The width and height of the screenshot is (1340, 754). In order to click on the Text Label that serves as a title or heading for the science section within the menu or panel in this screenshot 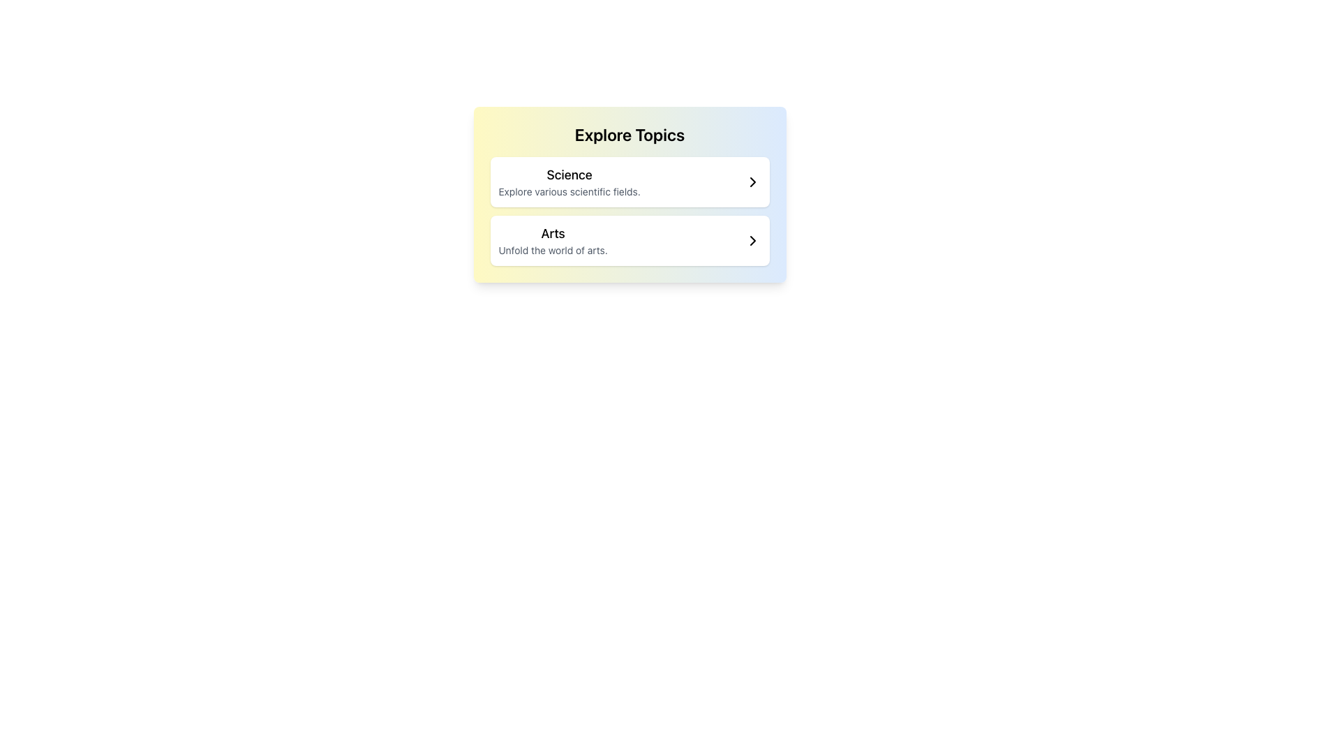, I will do `click(569, 174)`.